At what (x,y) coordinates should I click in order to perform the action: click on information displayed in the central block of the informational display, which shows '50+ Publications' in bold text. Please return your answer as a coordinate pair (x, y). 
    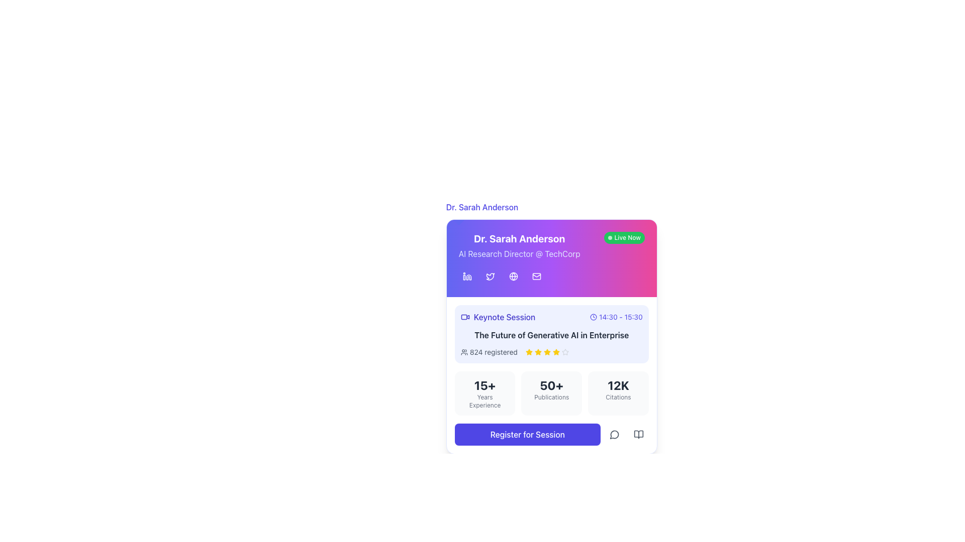
    Looking at the image, I should click on (551, 392).